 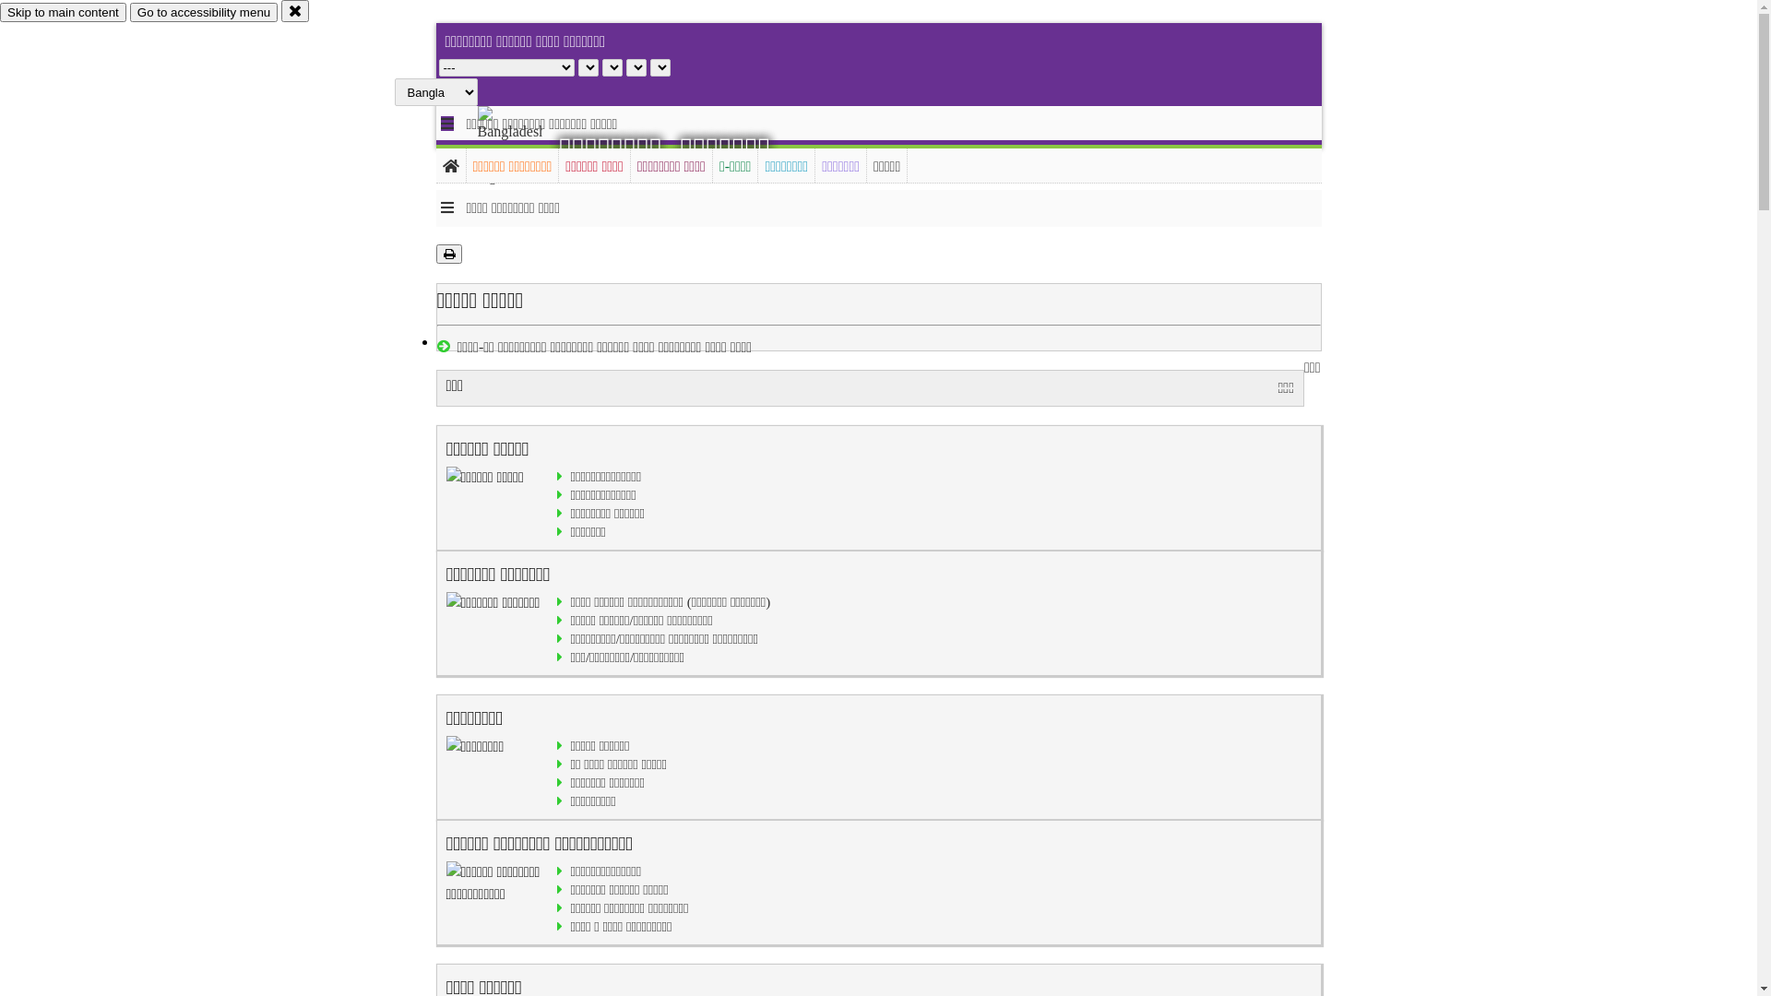 I want to click on 'close', so click(x=295, y=10).